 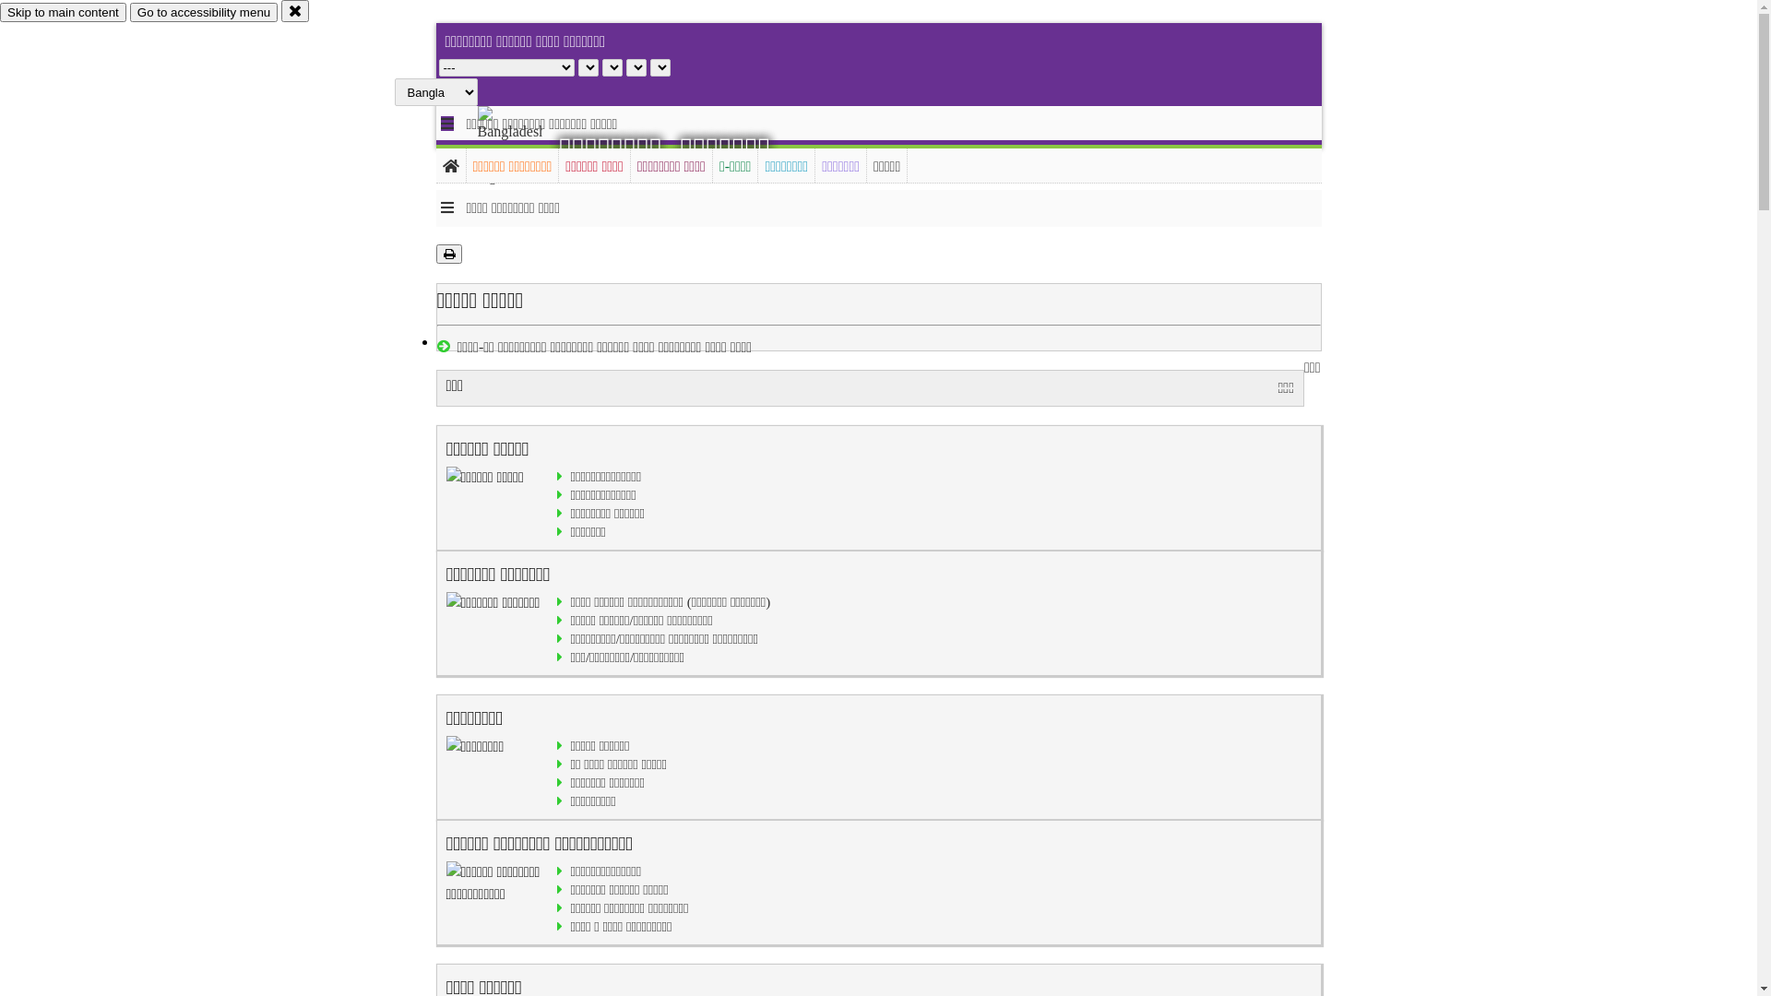 I want to click on 'close', so click(x=295, y=10).